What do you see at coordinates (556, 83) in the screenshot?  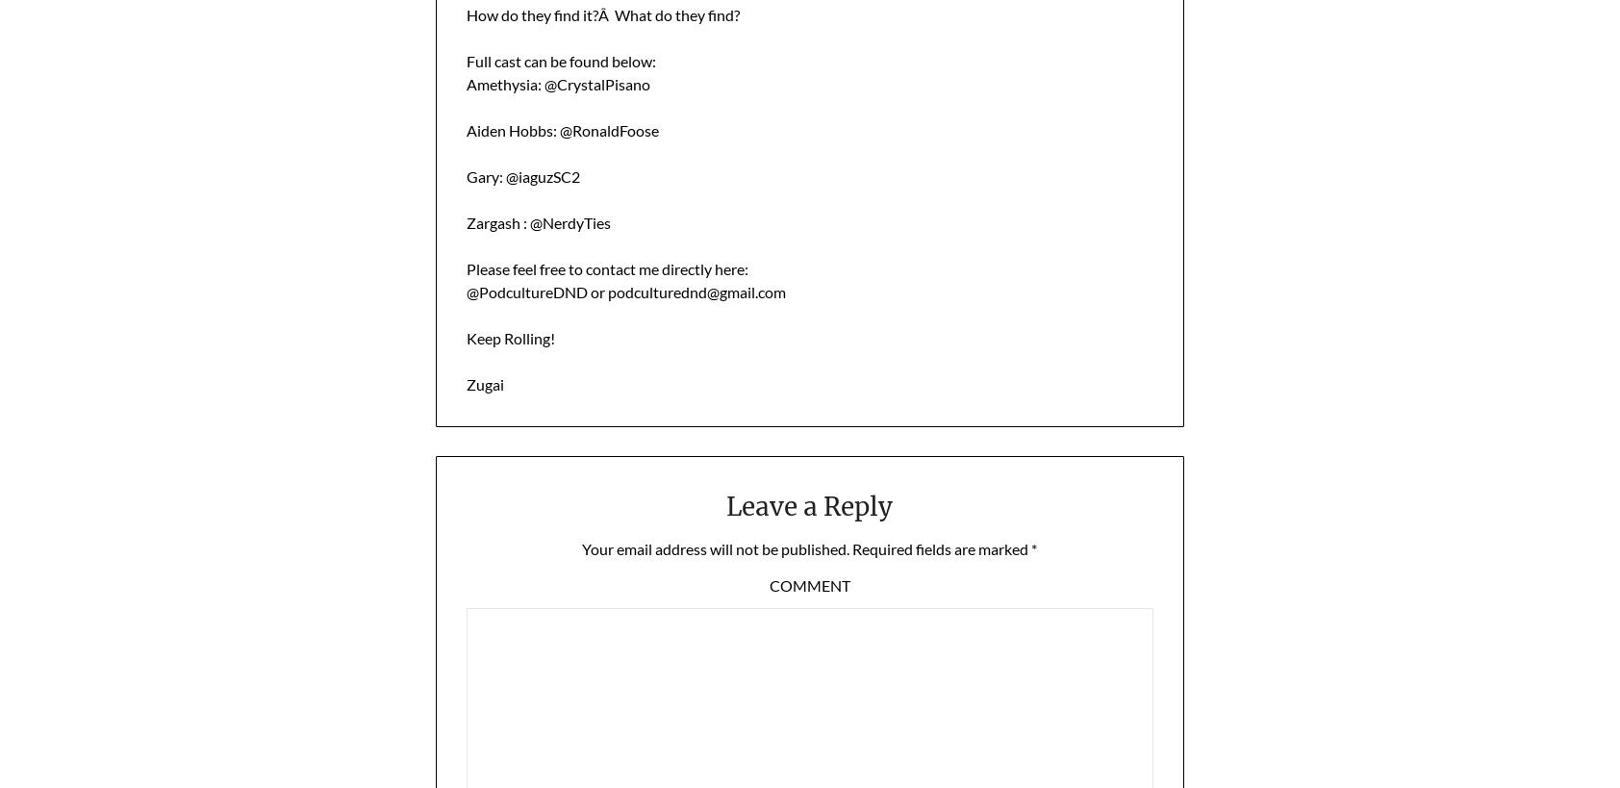 I see `'Amethysia: @CrystalPisano'` at bounding box center [556, 83].